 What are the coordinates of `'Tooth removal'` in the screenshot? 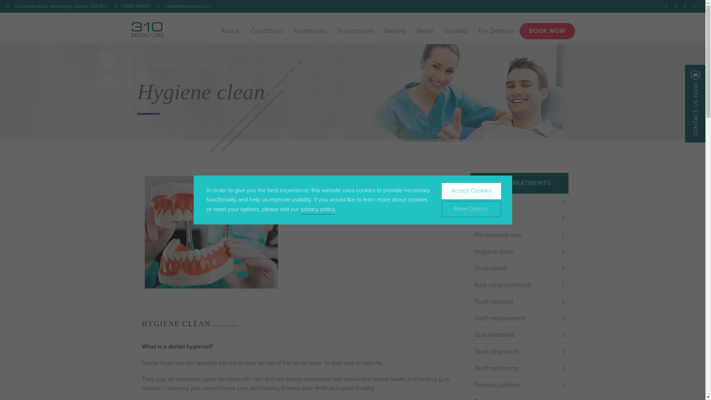 It's located at (518, 302).